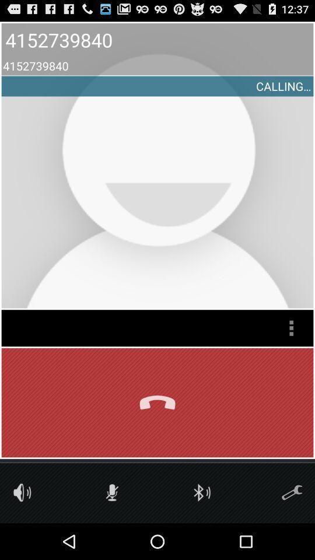  Describe the element at coordinates (291, 492) in the screenshot. I see `tools icon to help you` at that location.